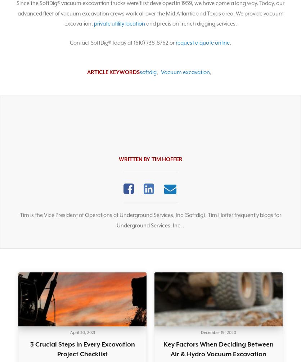 Image resolution: width=301 pixels, height=362 pixels. Describe the element at coordinates (113, 72) in the screenshot. I see `'Article Keywords'` at that location.